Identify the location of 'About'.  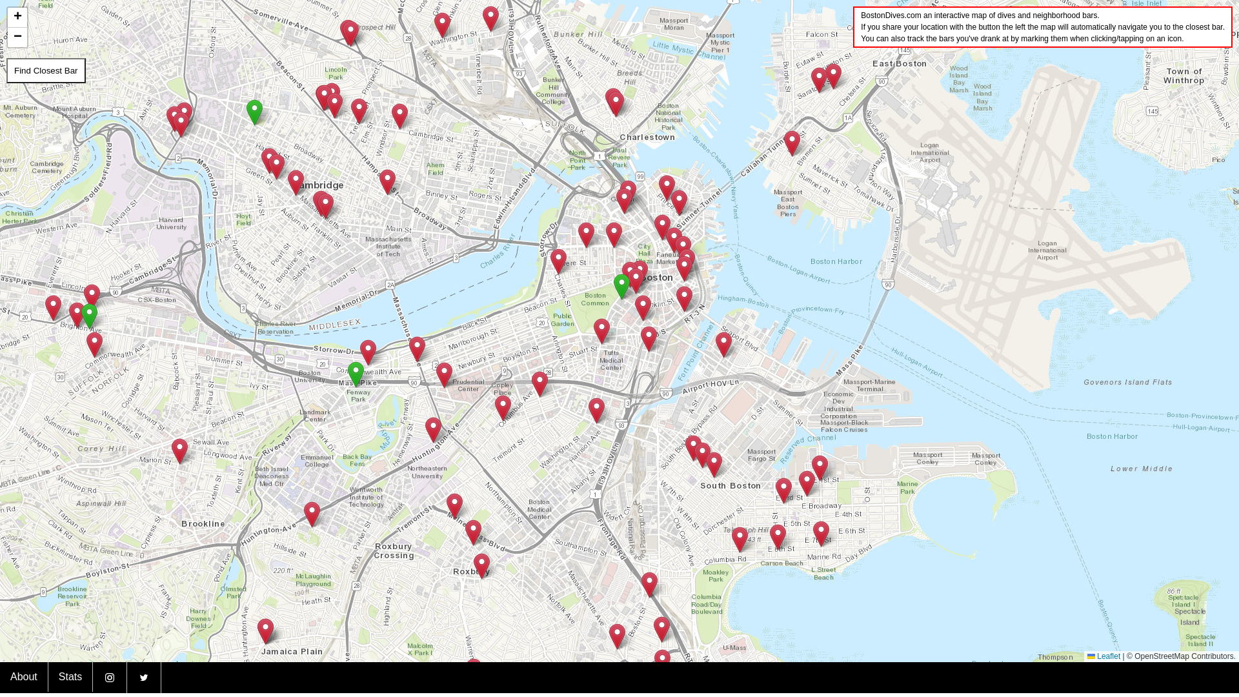
(0, 676).